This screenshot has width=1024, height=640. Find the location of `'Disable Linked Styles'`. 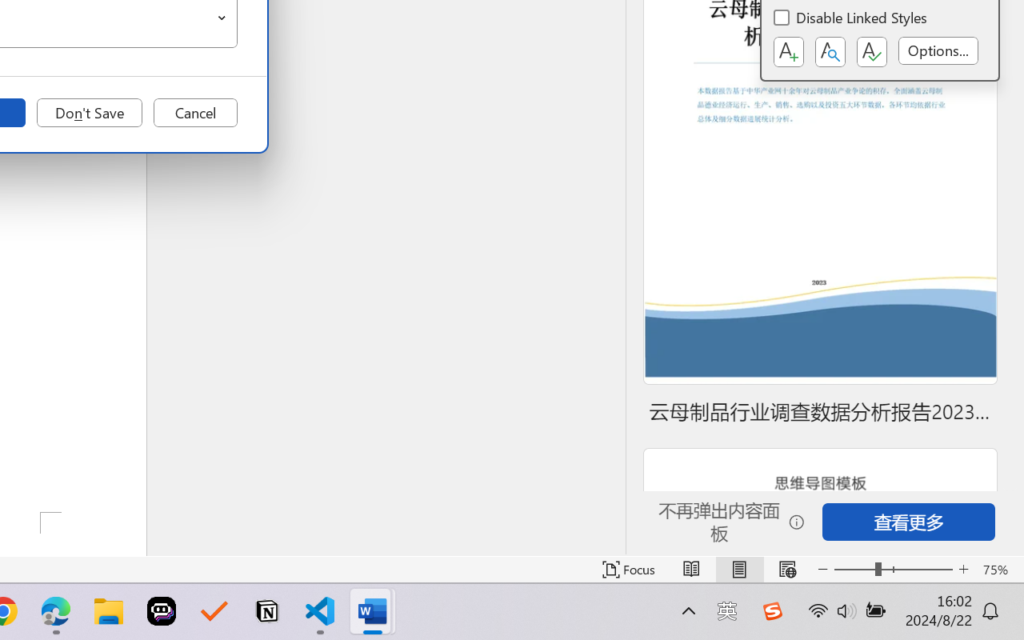

'Disable Linked Styles' is located at coordinates (850, 20).